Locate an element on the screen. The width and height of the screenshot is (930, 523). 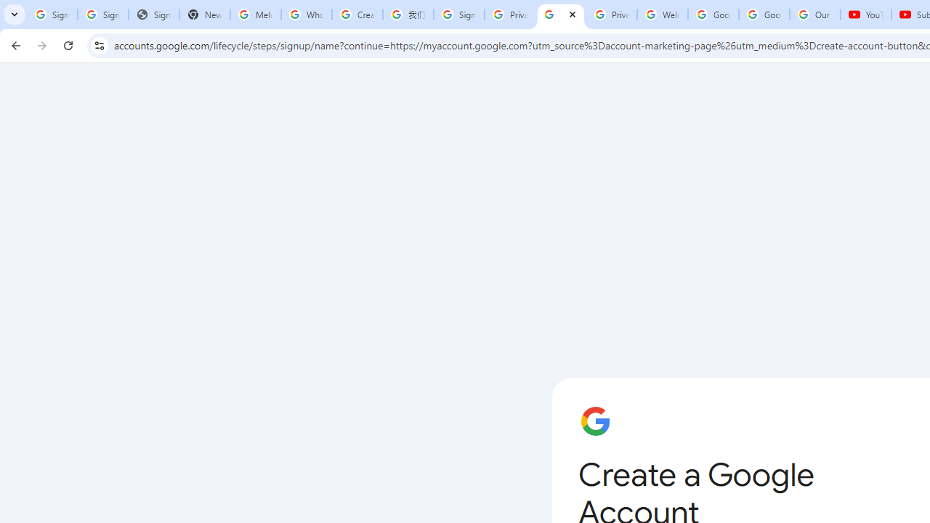
'YouTube' is located at coordinates (866, 15).